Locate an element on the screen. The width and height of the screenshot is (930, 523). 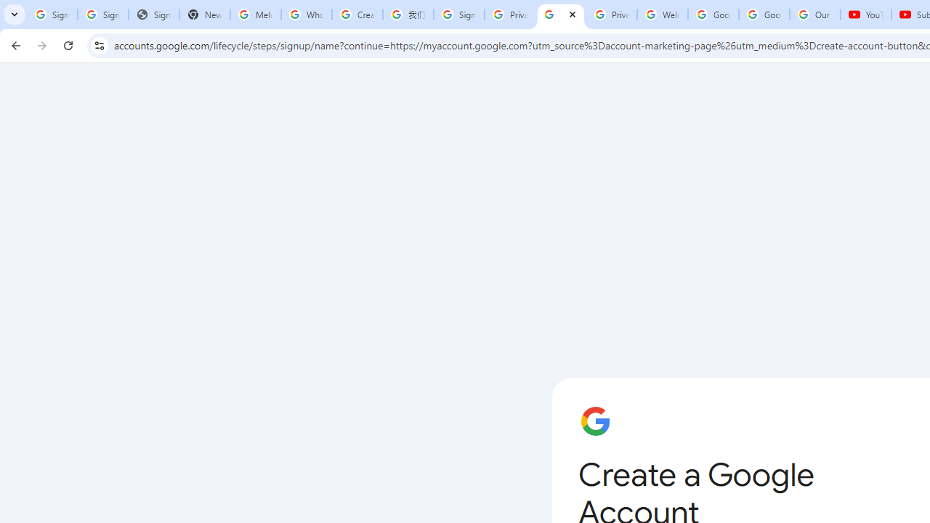
'YouTube' is located at coordinates (866, 15).